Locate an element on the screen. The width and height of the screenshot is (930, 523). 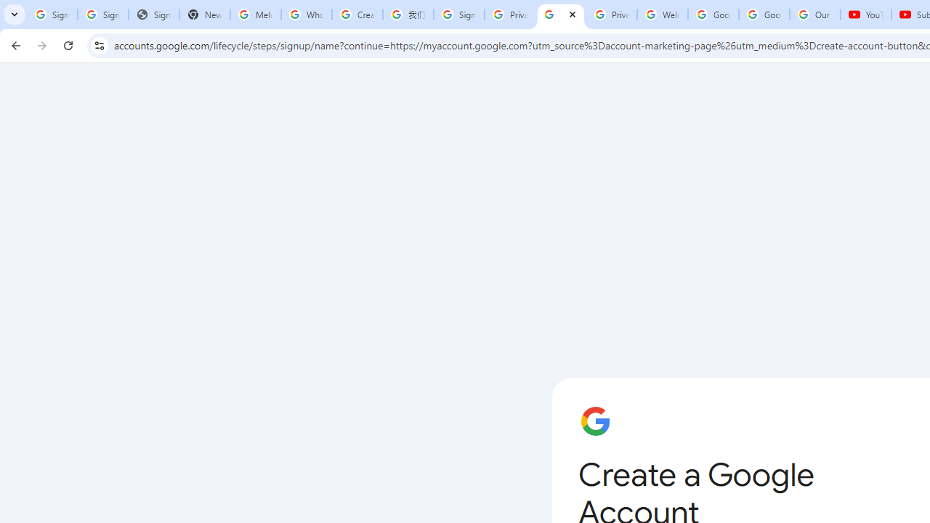
'YouTube' is located at coordinates (866, 15).